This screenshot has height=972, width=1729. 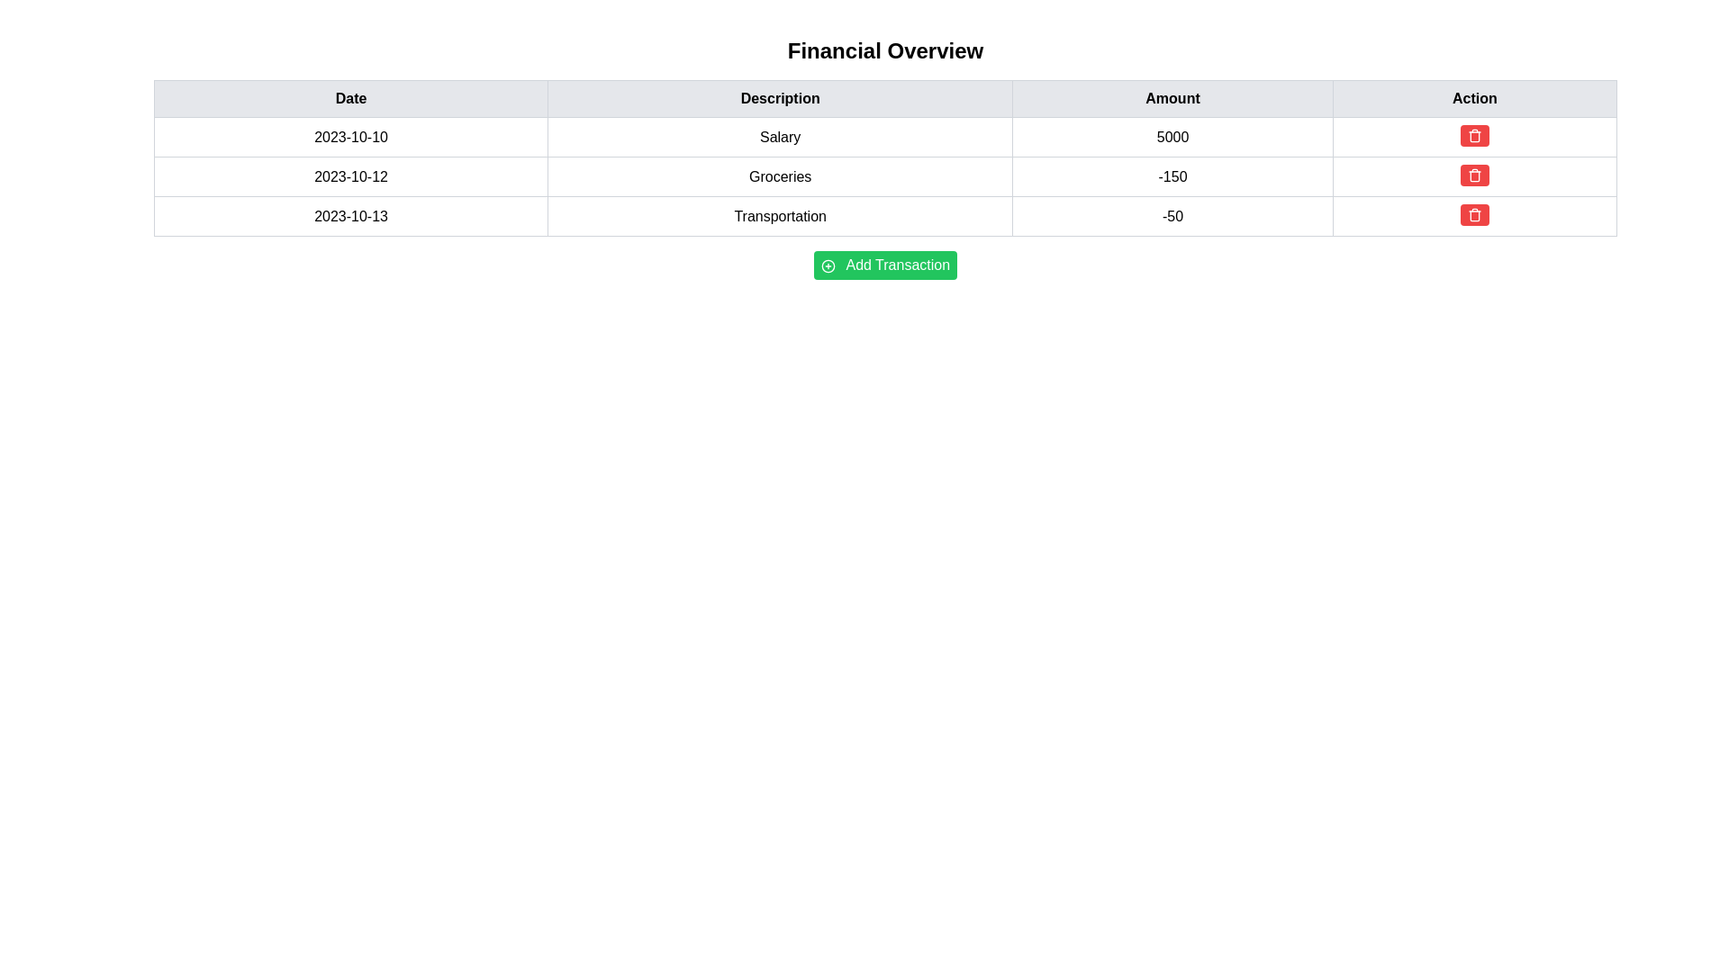 I want to click on the Text Label in the 'Description' column of the financial overview table, which is the second item in the row aligned with the date '2023-10-10', so click(x=780, y=136).